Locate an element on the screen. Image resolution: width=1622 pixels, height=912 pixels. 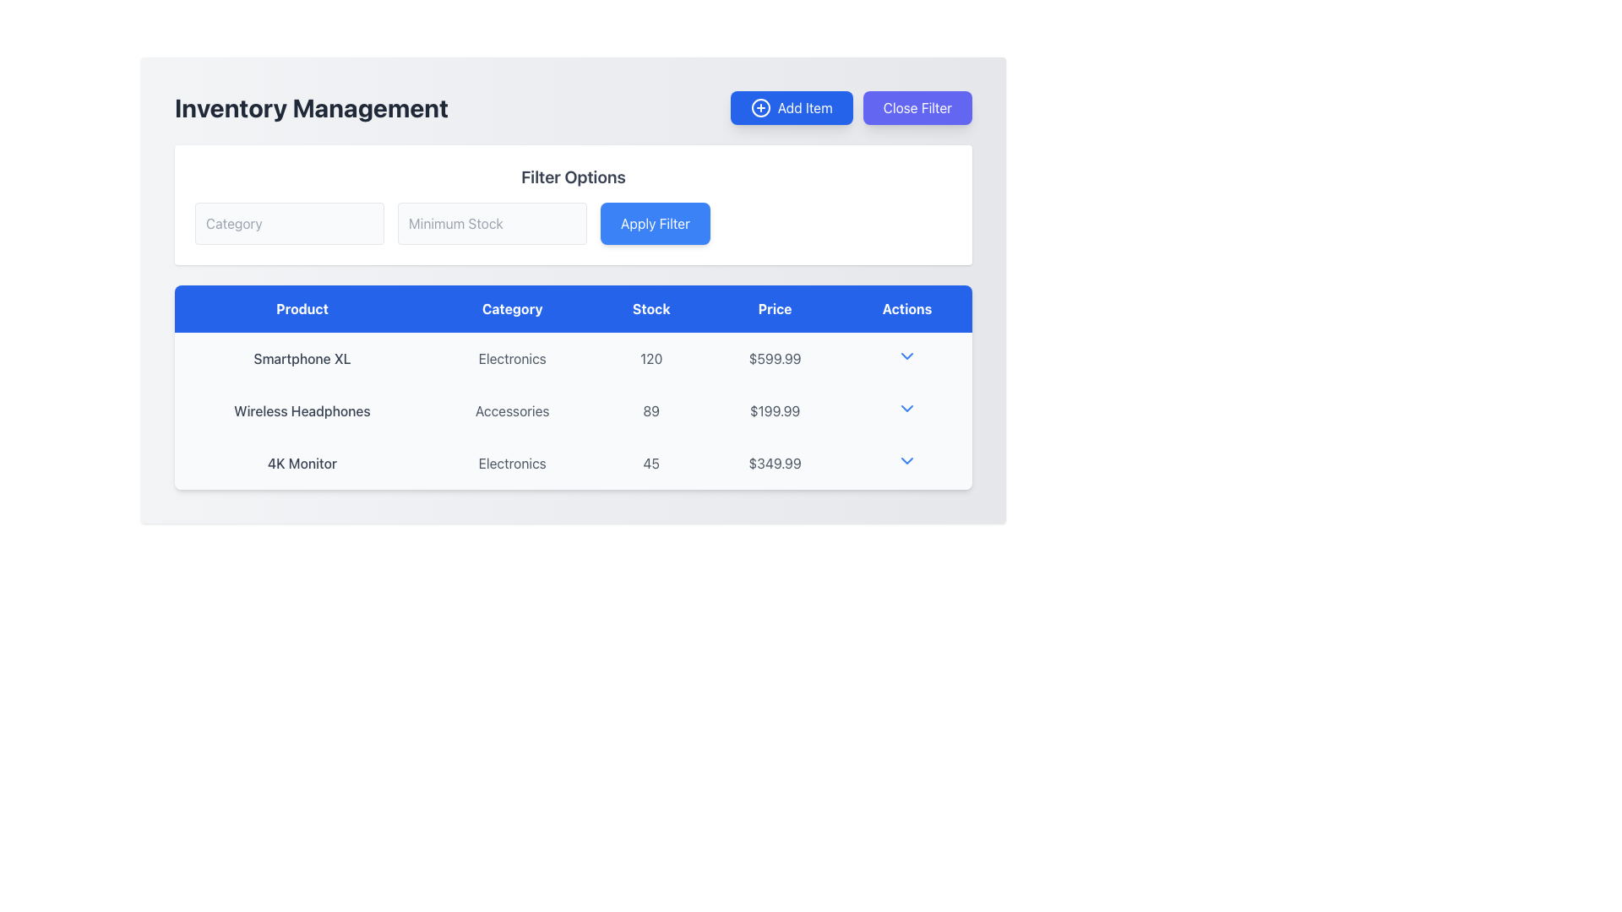
the 'Close Filter' button, which is a purple button with white text and rounded corners, located in the top-right area of the interface, to observe the visual change indicating interactivity is located at coordinates (917, 107).